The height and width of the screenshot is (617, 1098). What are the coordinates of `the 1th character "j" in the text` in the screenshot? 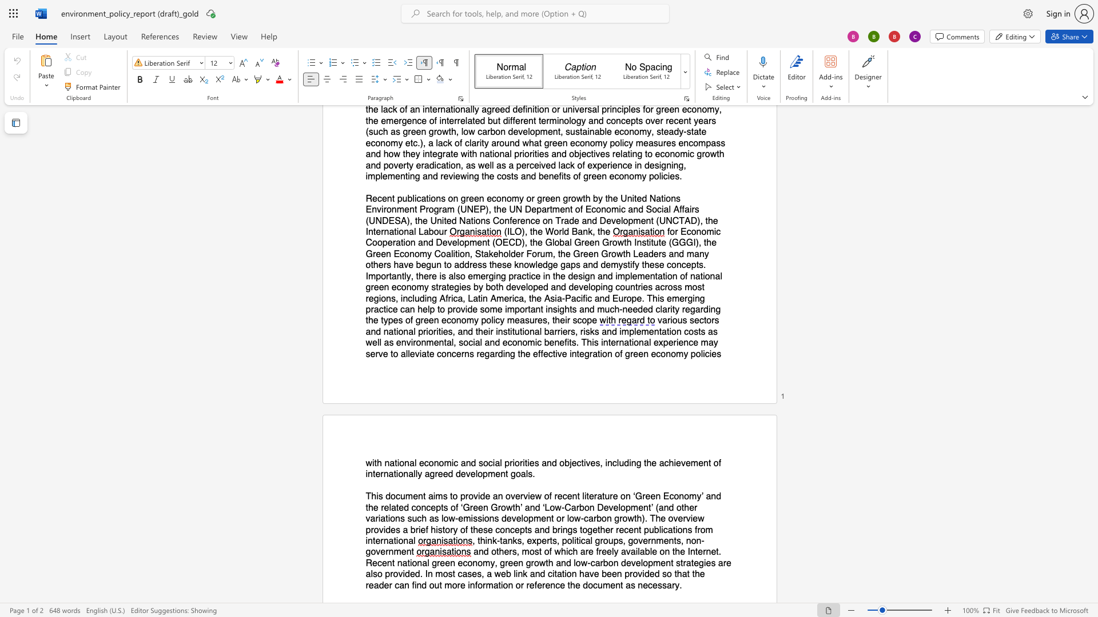 It's located at (571, 463).